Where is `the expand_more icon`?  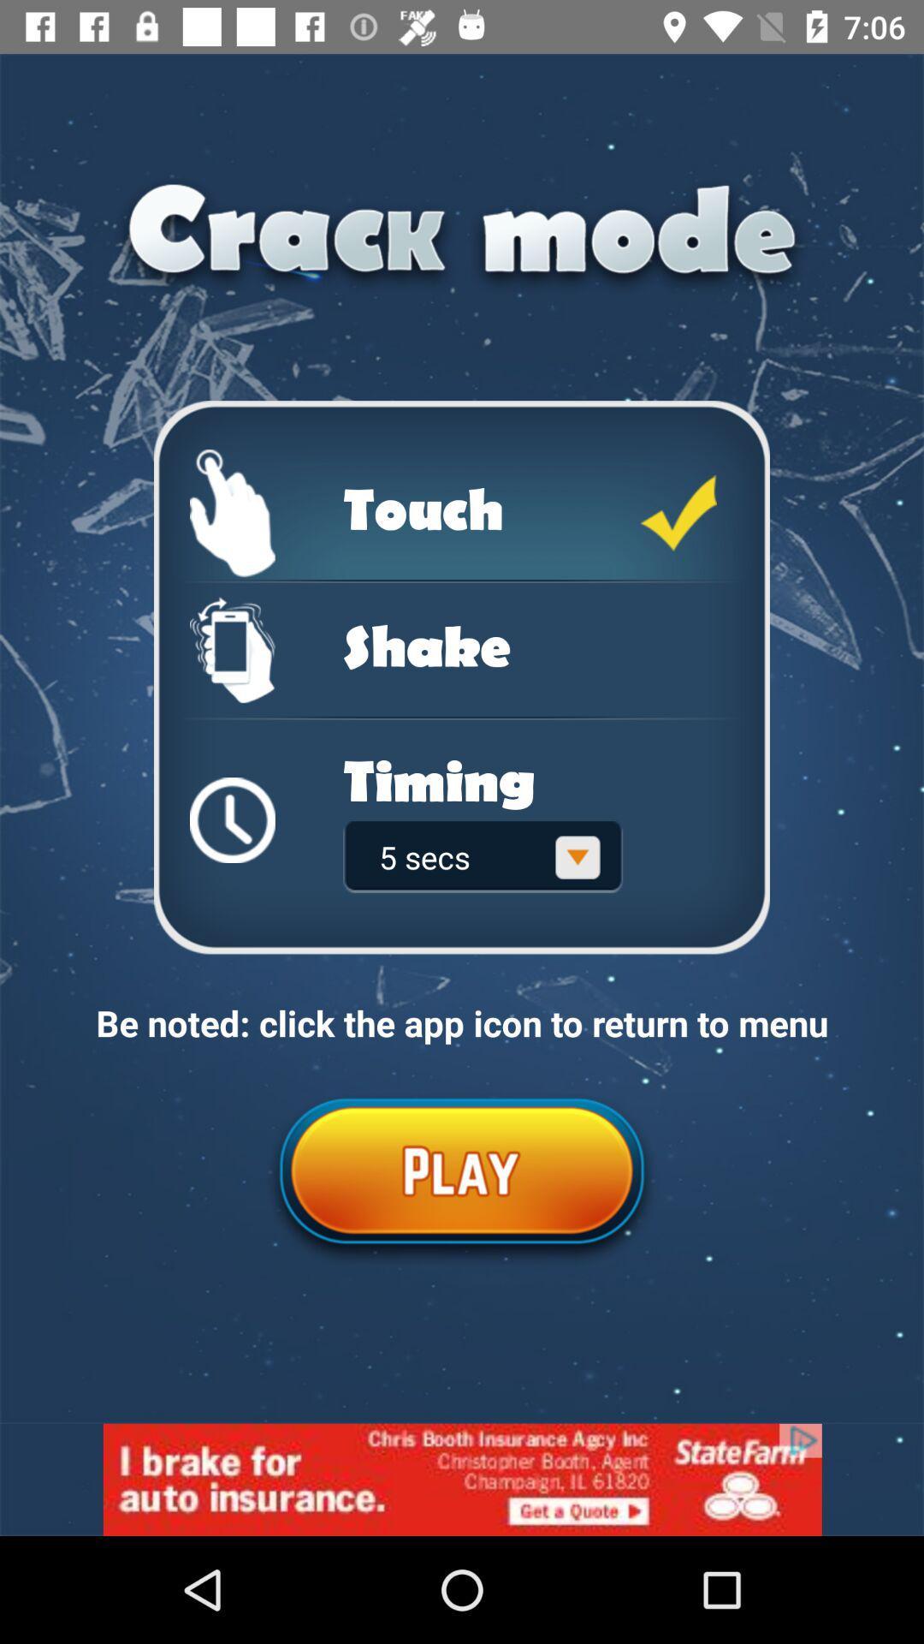 the expand_more icon is located at coordinates (577, 857).